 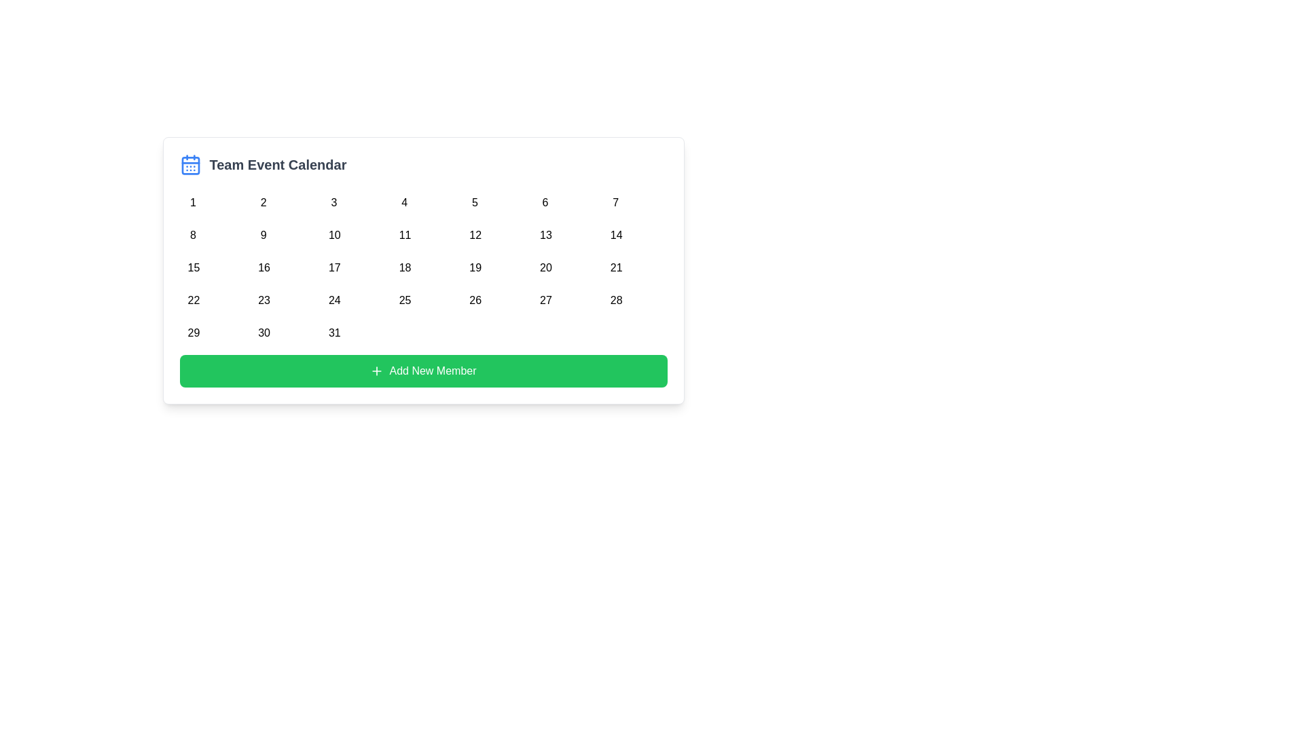 What do you see at coordinates (545, 297) in the screenshot?
I see `the calendar date button displaying the number '27' in the last column of the fourth row` at bounding box center [545, 297].